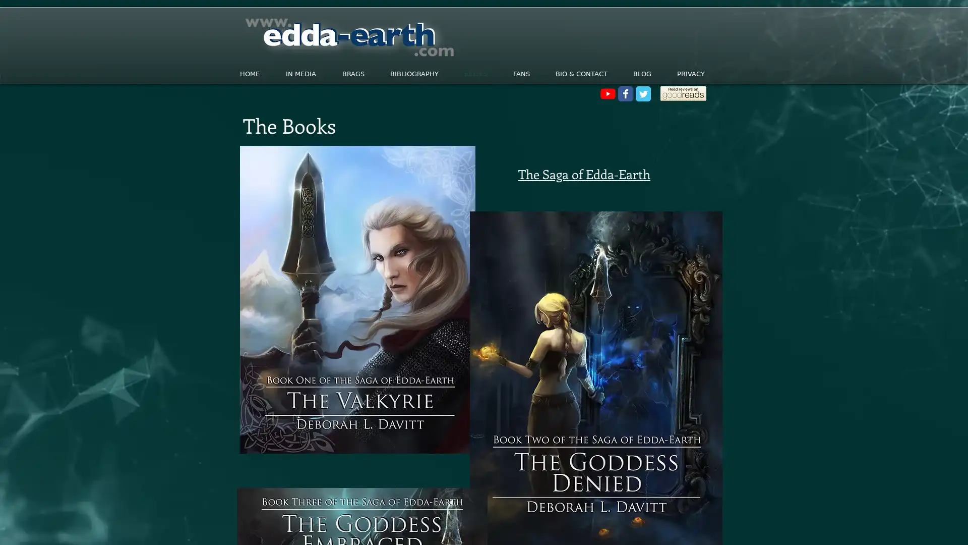 The image size is (968, 545). What do you see at coordinates (923, 527) in the screenshot?
I see `Accept` at bounding box center [923, 527].